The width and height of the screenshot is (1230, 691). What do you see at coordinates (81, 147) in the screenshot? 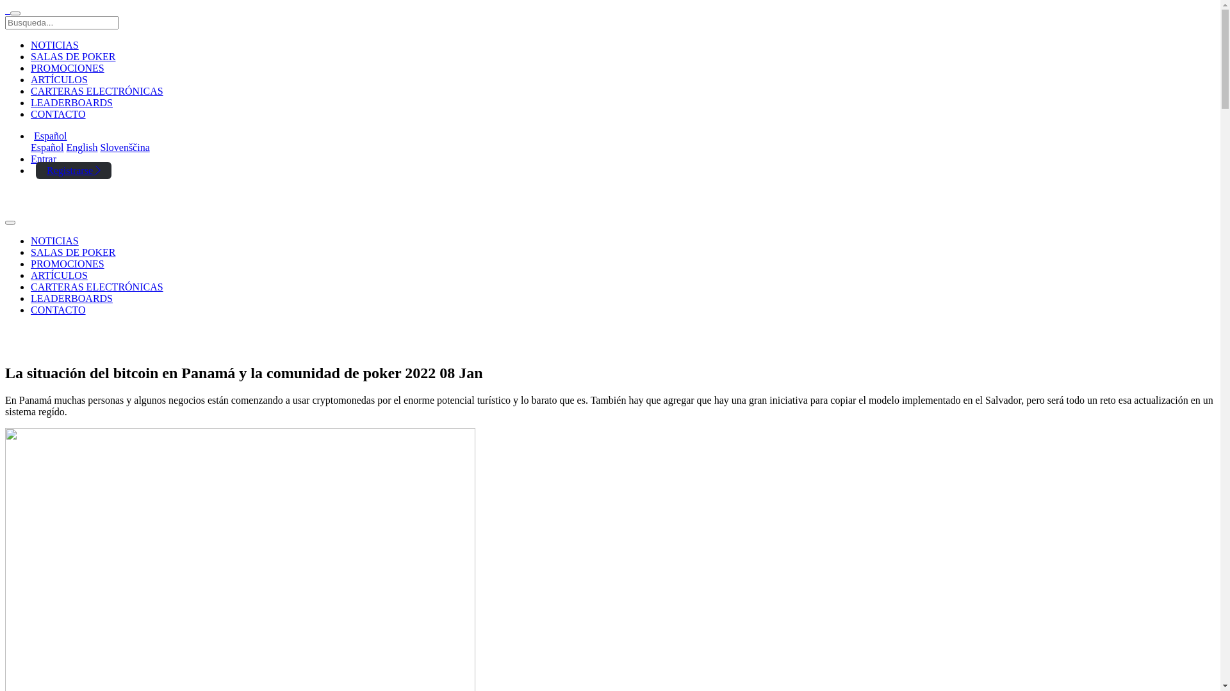
I see `'English'` at bounding box center [81, 147].